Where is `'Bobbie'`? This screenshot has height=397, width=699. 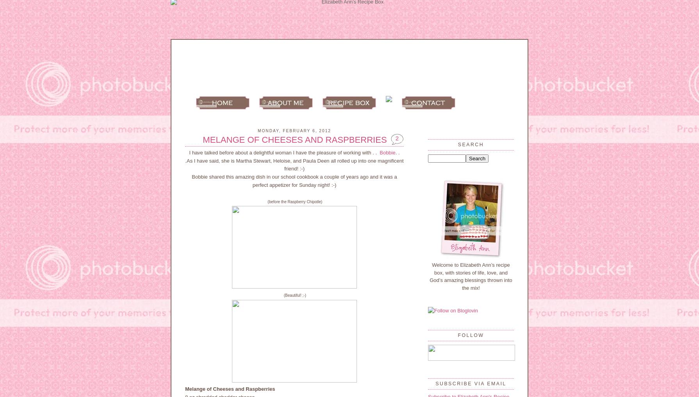
'Bobbie' is located at coordinates (379, 152).